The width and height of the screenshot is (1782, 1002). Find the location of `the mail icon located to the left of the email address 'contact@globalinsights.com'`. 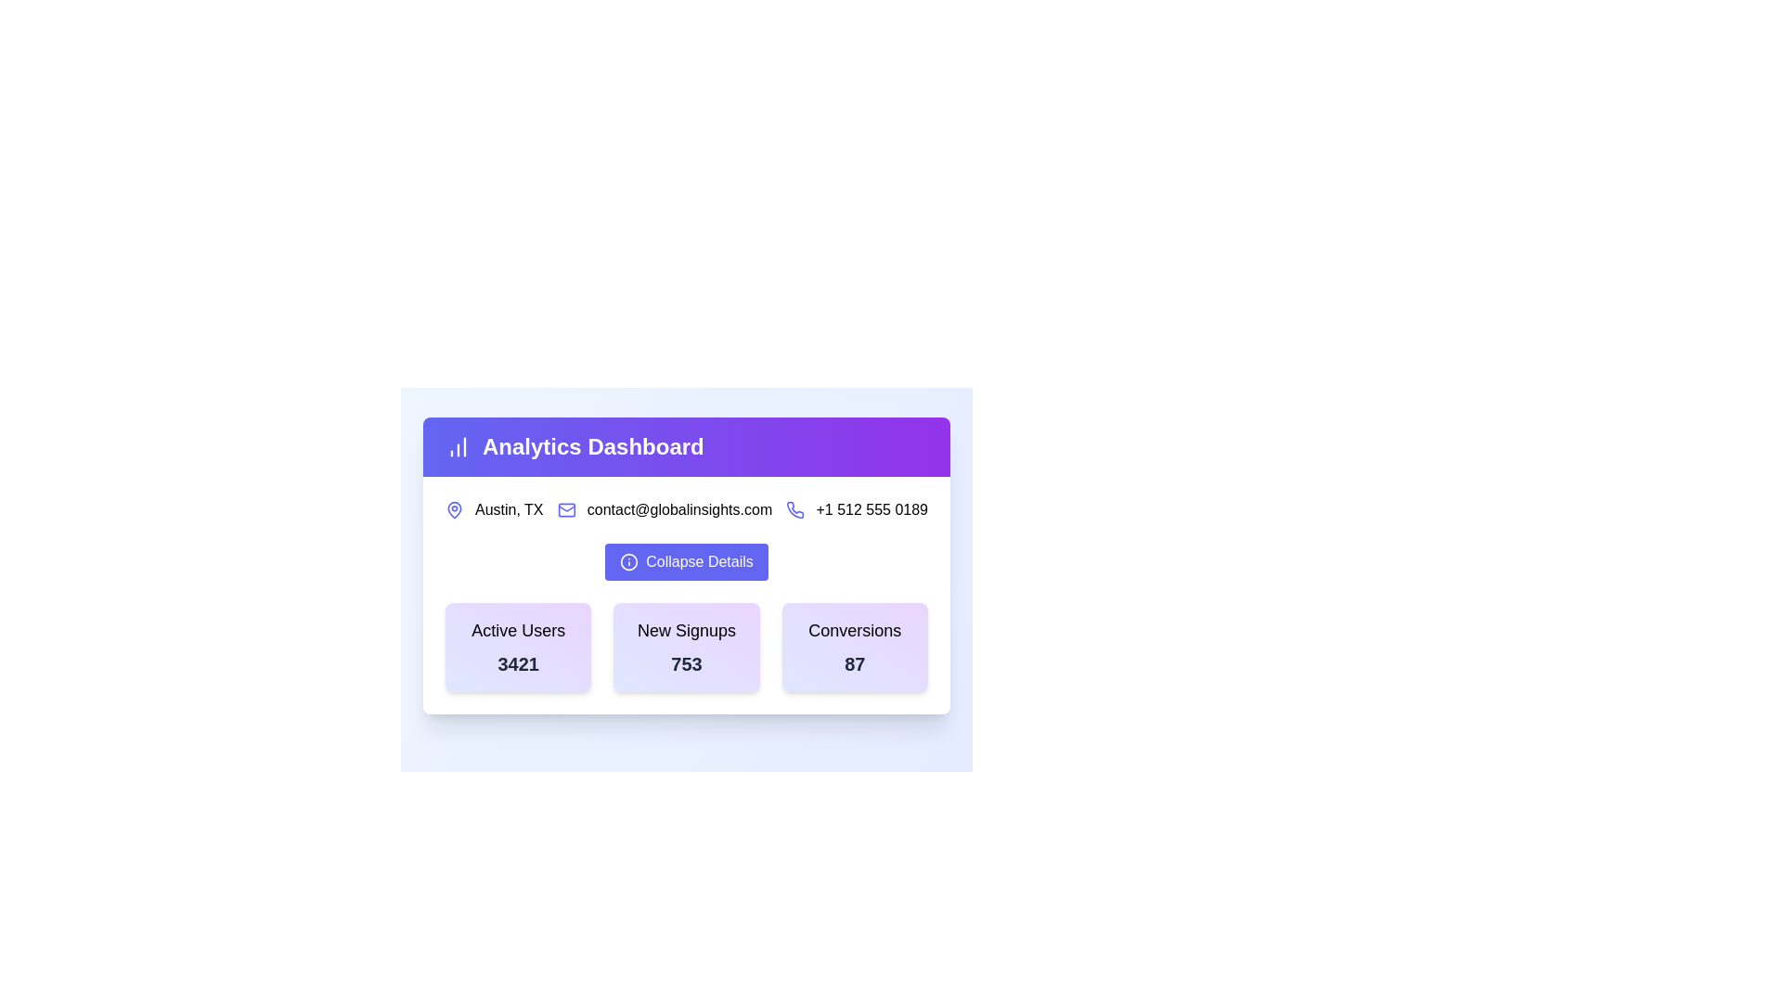

the mail icon located to the left of the email address 'contact@globalinsights.com' is located at coordinates (565, 510).